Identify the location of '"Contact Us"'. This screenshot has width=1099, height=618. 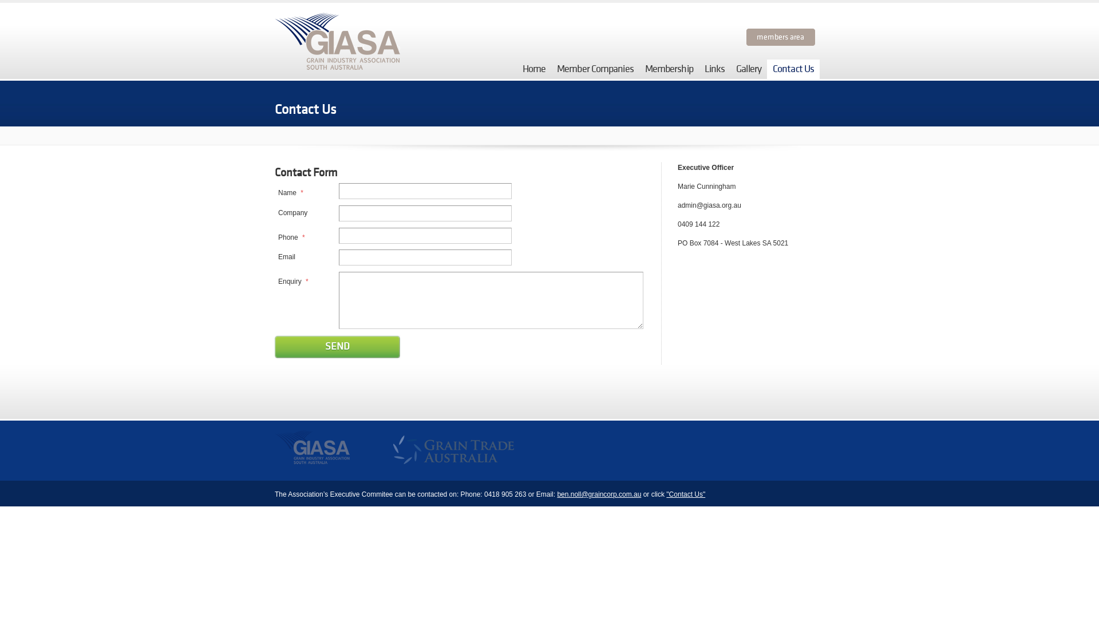
(686, 494).